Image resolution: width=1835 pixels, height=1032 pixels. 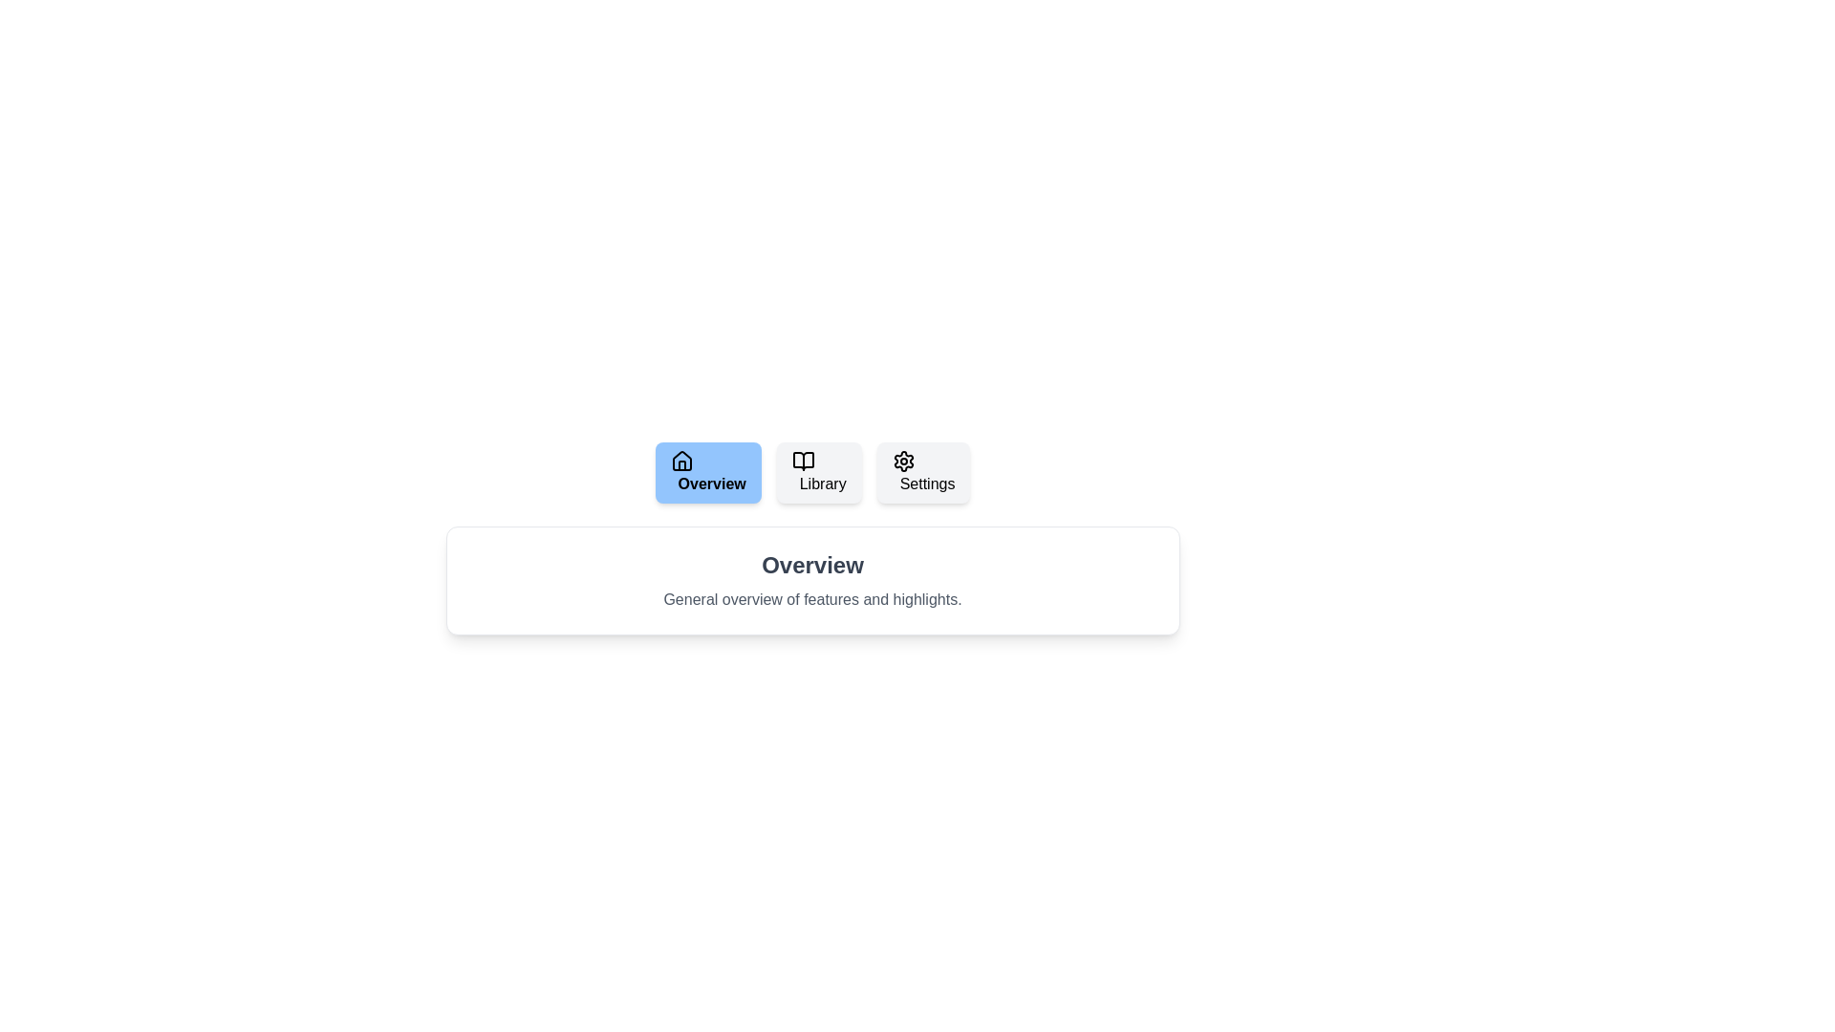 What do you see at coordinates (707, 472) in the screenshot?
I see `the tab labeled Overview to switch to that tab` at bounding box center [707, 472].